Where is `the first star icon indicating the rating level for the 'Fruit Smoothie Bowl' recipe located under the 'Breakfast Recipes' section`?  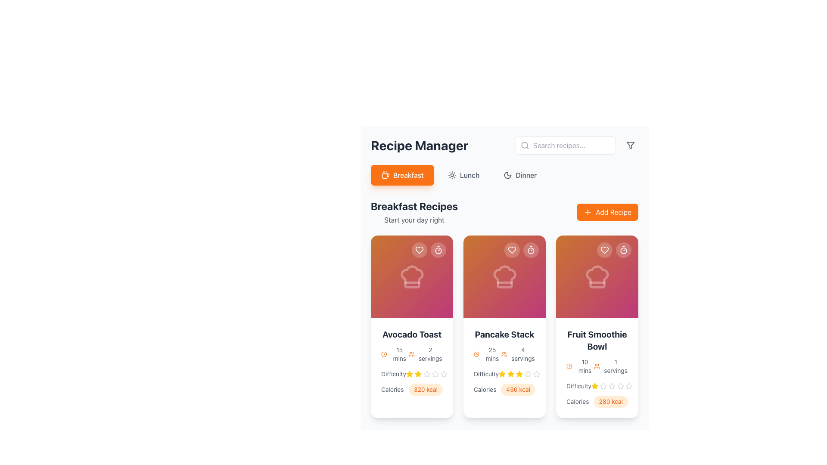
the first star icon indicating the rating level for the 'Fruit Smoothie Bowl' recipe located under the 'Breakfast Recipes' section is located at coordinates (594, 385).